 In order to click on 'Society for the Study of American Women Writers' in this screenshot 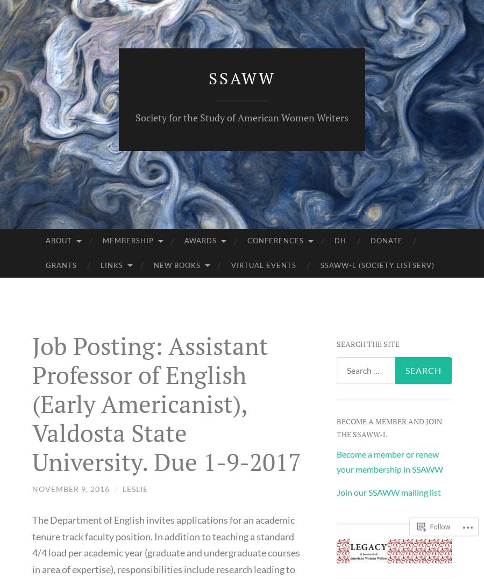, I will do `click(242, 118)`.